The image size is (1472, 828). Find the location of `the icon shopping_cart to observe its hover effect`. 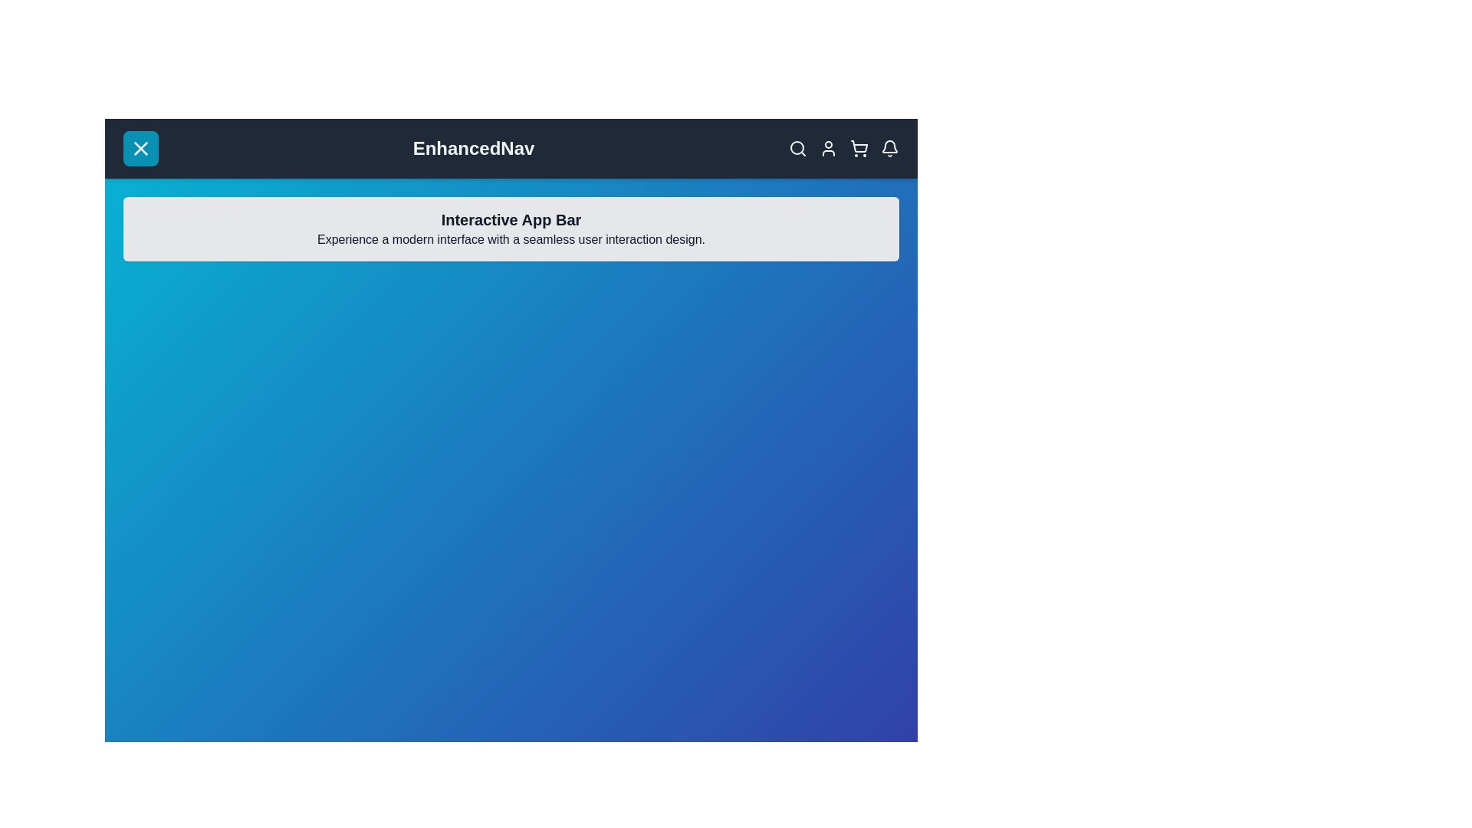

the icon shopping_cart to observe its hover effect is located at coordinates (859, 148).